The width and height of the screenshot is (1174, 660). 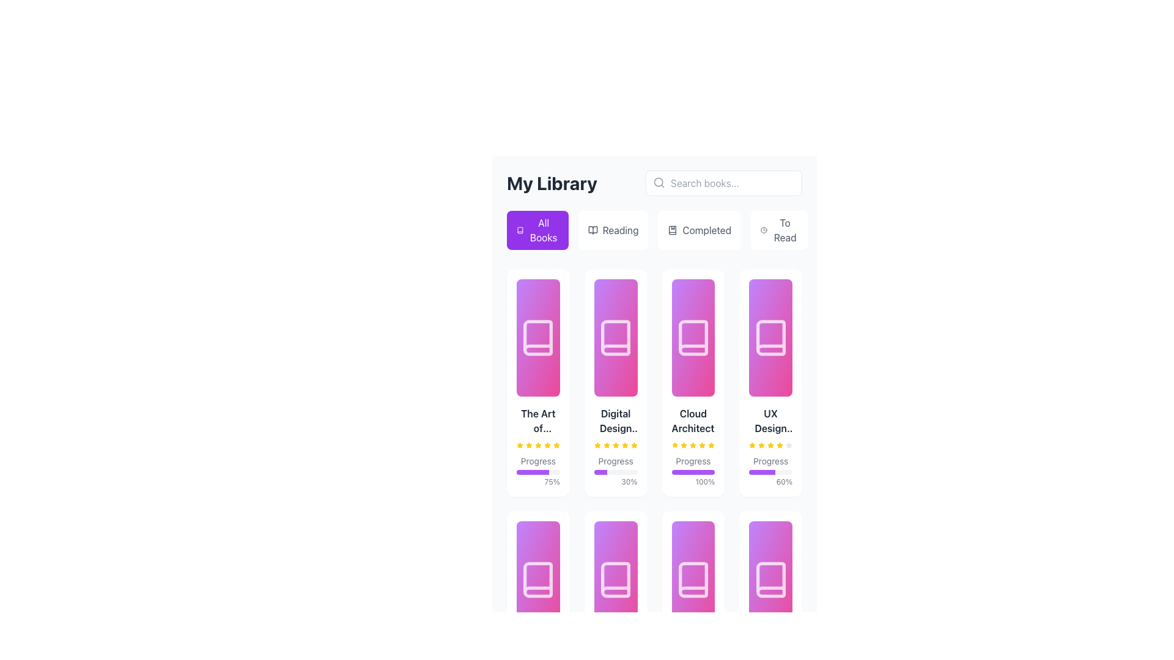 I want to click on the visual representation of the book icon in the fourth card of the first row under the 'My Library' header, which depicts 'UX Design..', so click(x=770, y=337).